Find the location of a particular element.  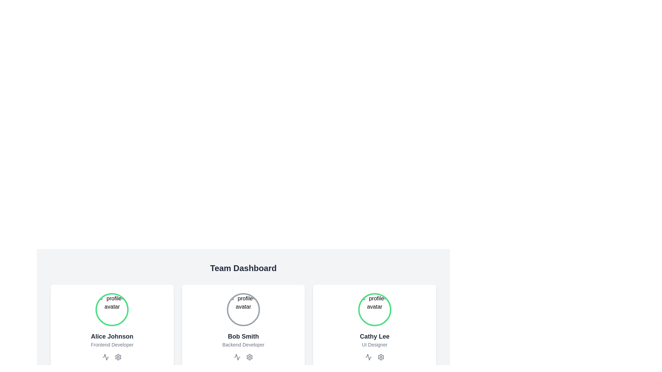

the Profile Card located in the first column of the grid layout, aligned with the 'Team Dashboard' text is located at coordinates (112, 326).